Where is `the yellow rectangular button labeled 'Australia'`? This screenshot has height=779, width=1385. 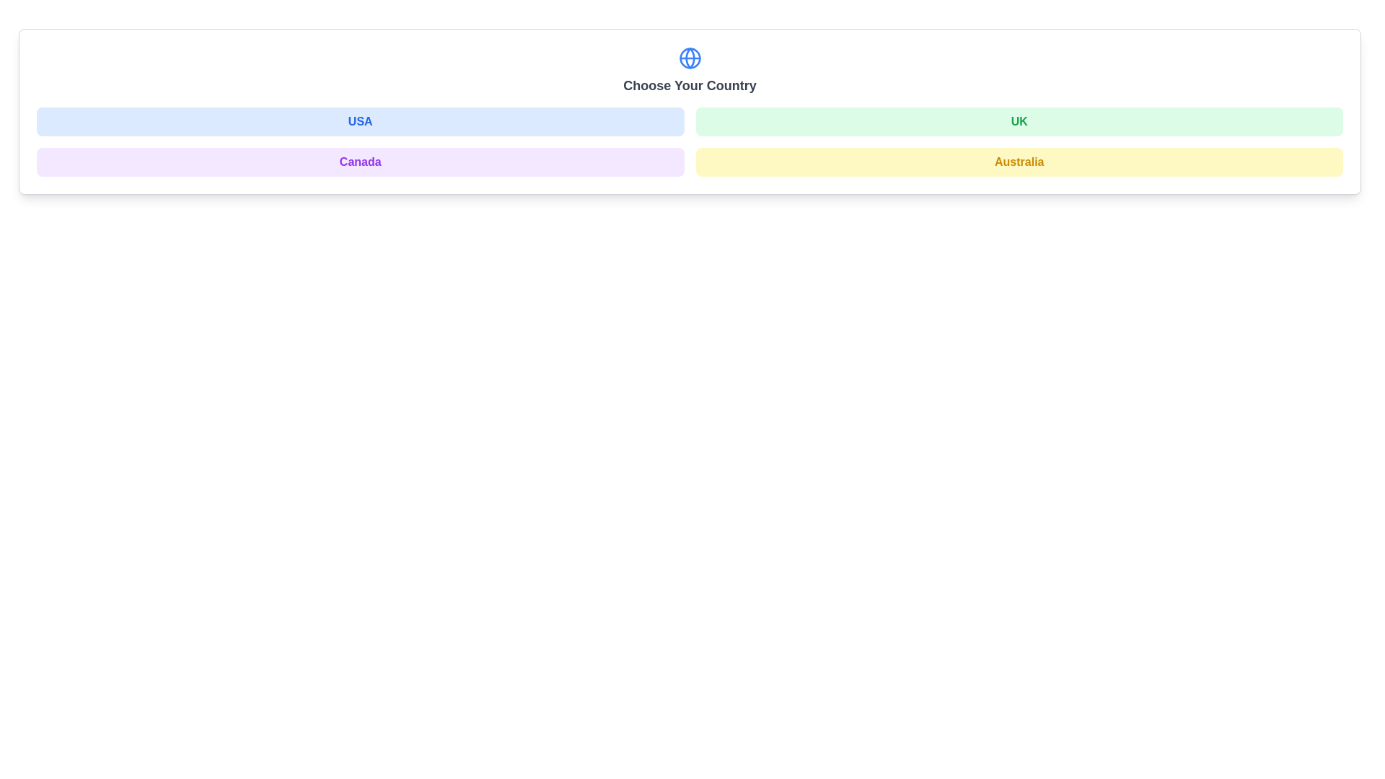 the yellow rectangular button labeled 'Australia' is located at coordinates (1019, 162).